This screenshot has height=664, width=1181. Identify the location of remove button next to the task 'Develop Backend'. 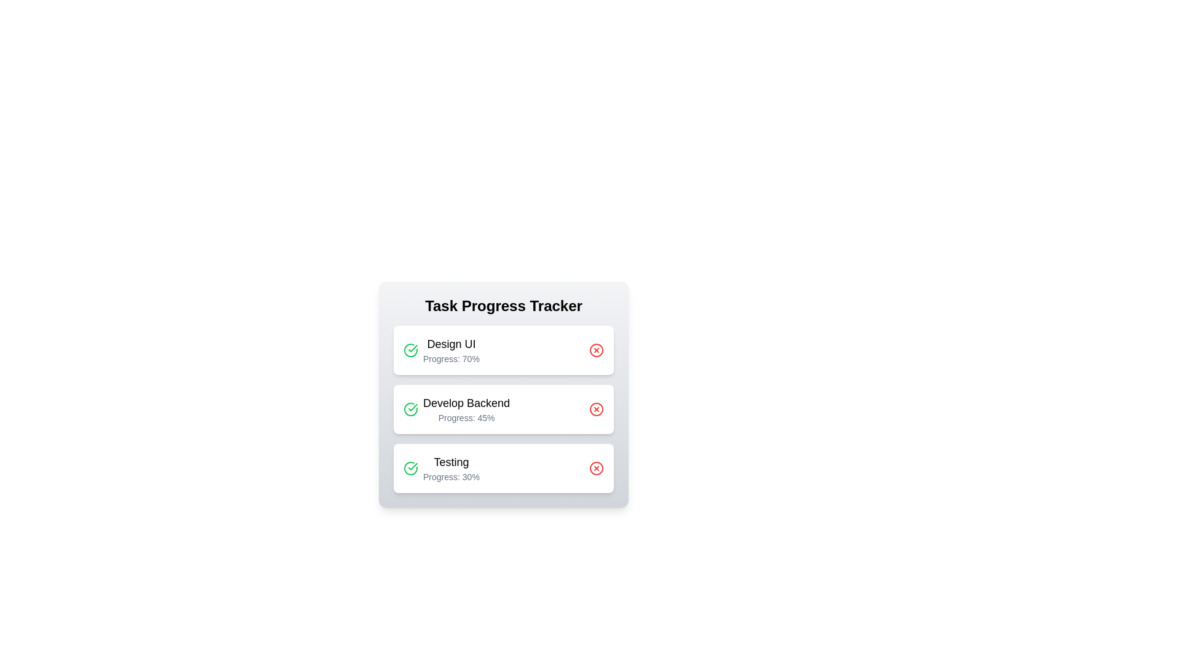
(596, 409).